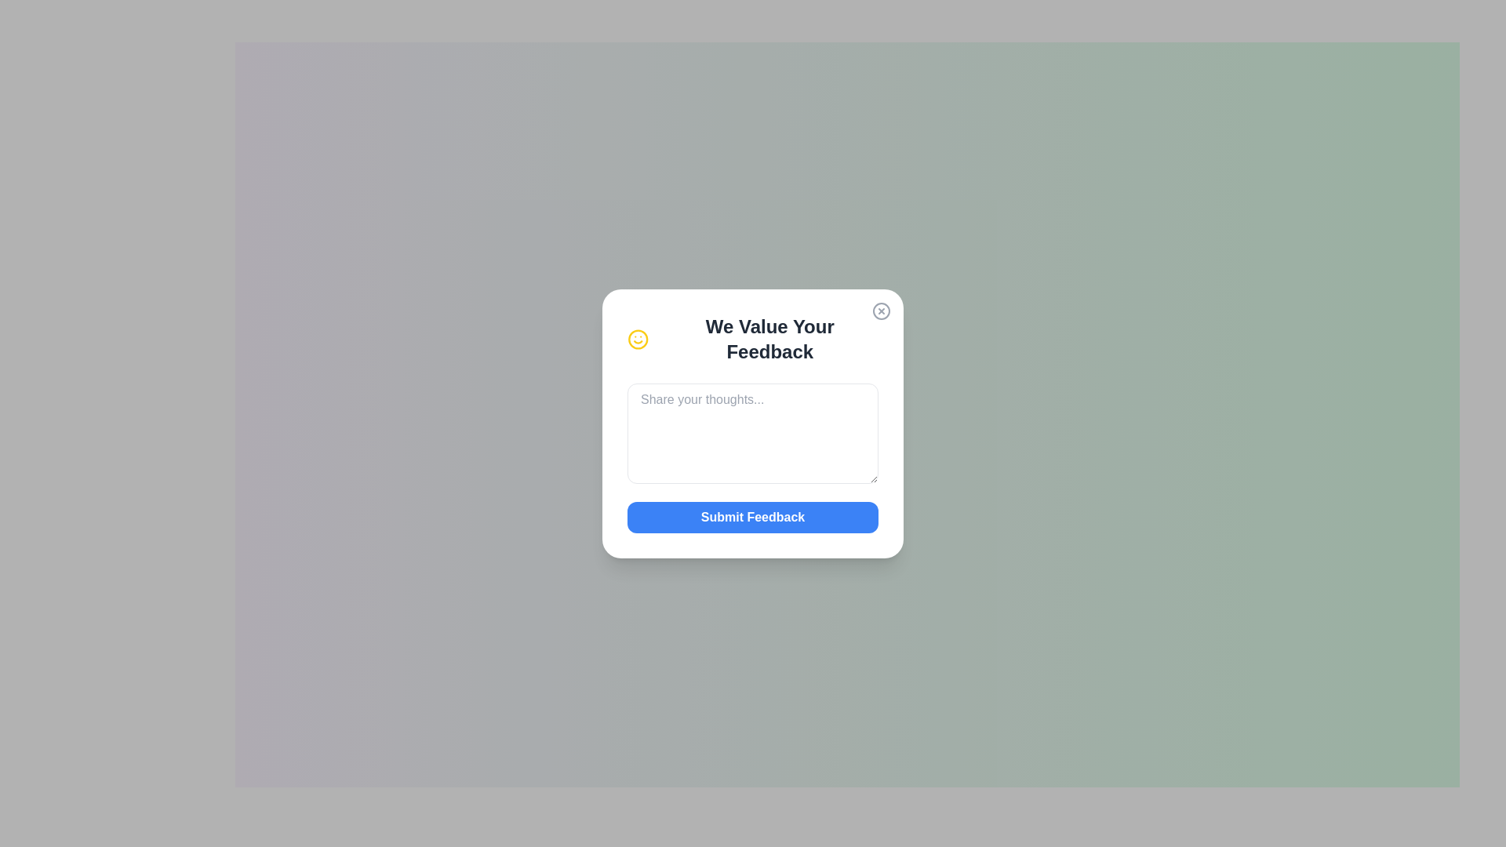 This screenshot has width=1506, height=847. Describe the element at coordinates (769, 338) in the screenshot. I see `the text label that reads 'We Value Your Feedback', which is prominently displayed in bold, grayish-black text at the top section of the modal dialog box` at that location.